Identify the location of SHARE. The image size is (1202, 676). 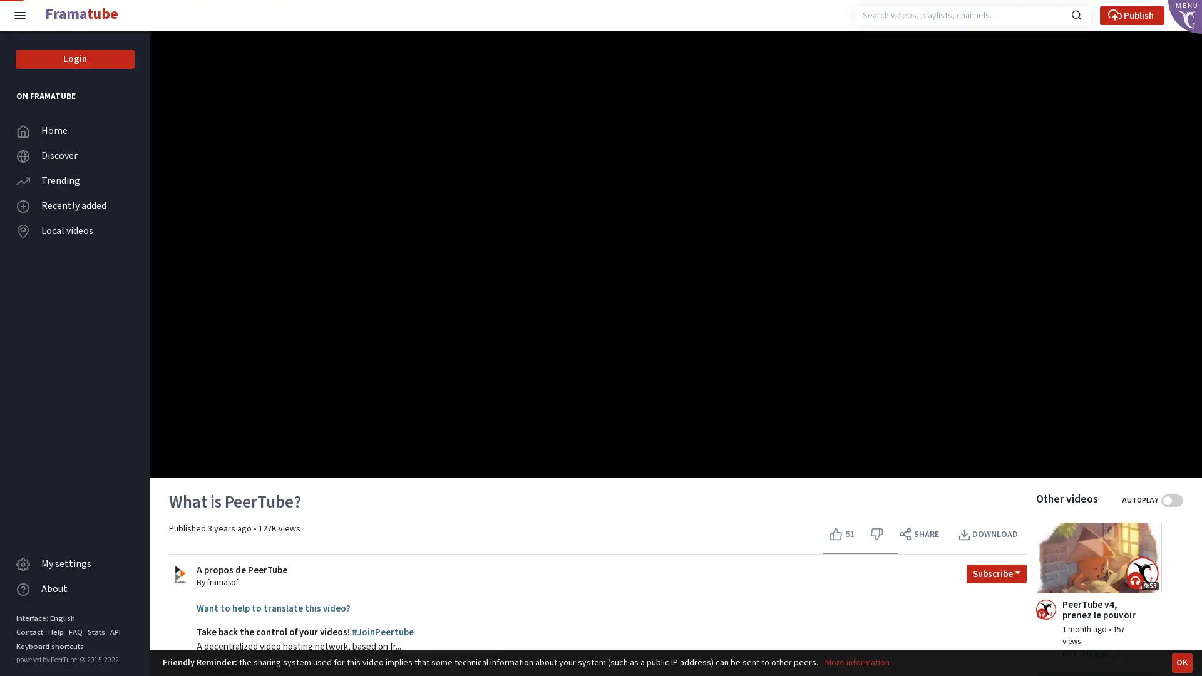
(920, 534).